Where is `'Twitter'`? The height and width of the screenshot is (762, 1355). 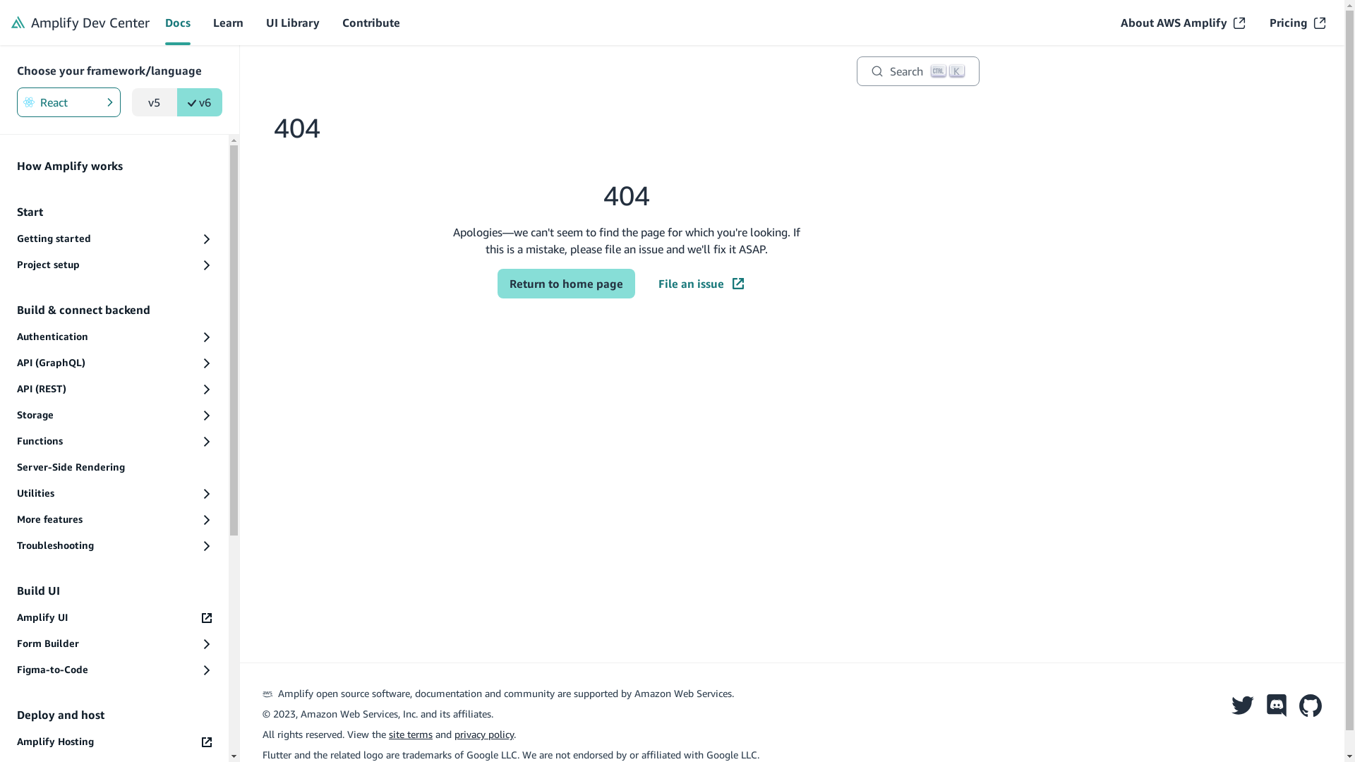
'Twitter' is located at coordinates (1231, 702).